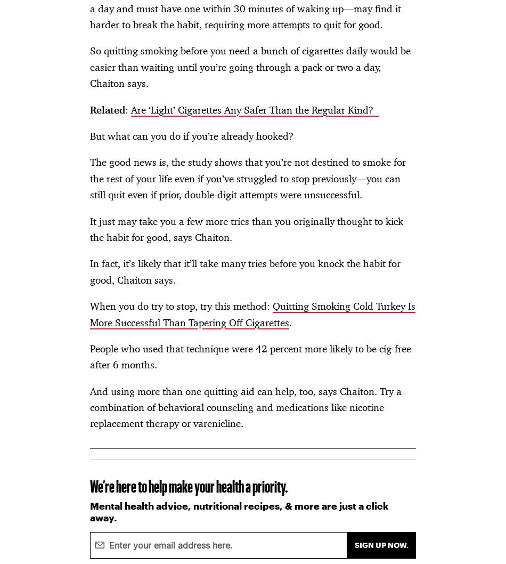 This screenshot has width=506, height=564. I want to click on 'CA Notice at Collection', so click(85, 204).